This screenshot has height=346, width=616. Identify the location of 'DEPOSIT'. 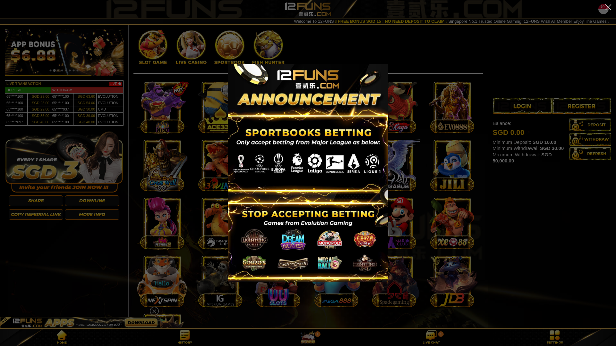
(590, 125).